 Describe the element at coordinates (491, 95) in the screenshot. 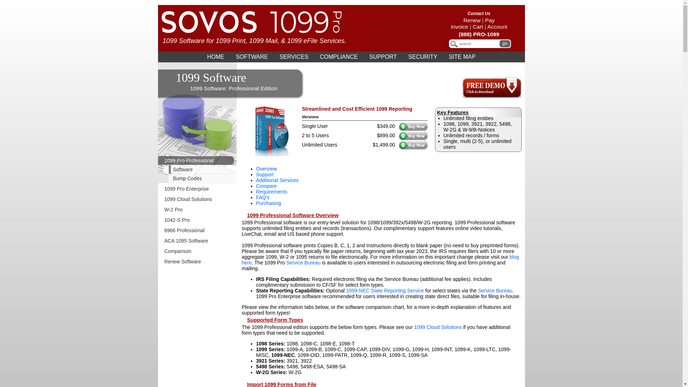

I see `'Download FREE Demo!'` at that location.